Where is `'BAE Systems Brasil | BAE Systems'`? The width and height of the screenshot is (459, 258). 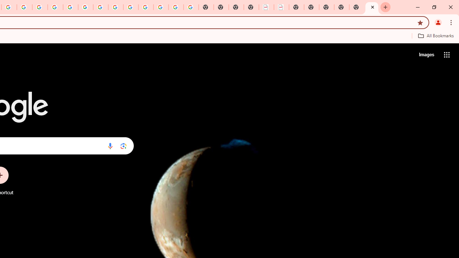
'BAE Systems Brasil | BAE Systems' is located at coordinates (281, 7).